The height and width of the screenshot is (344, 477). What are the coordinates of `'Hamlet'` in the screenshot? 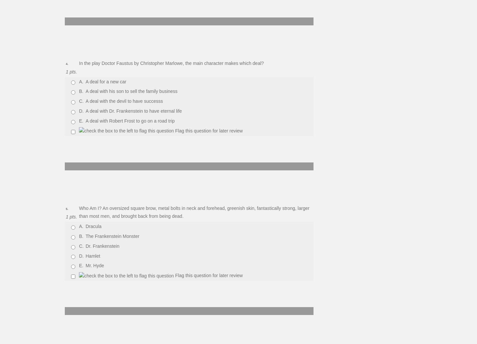 It's located at (93, 256).